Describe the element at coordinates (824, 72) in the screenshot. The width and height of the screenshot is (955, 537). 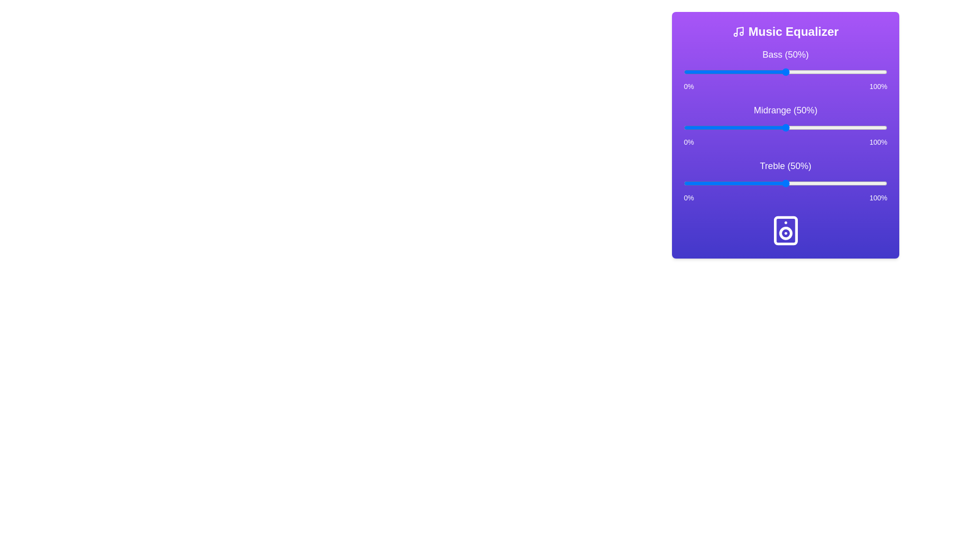
I see `the bass slider to 69%` at that location.